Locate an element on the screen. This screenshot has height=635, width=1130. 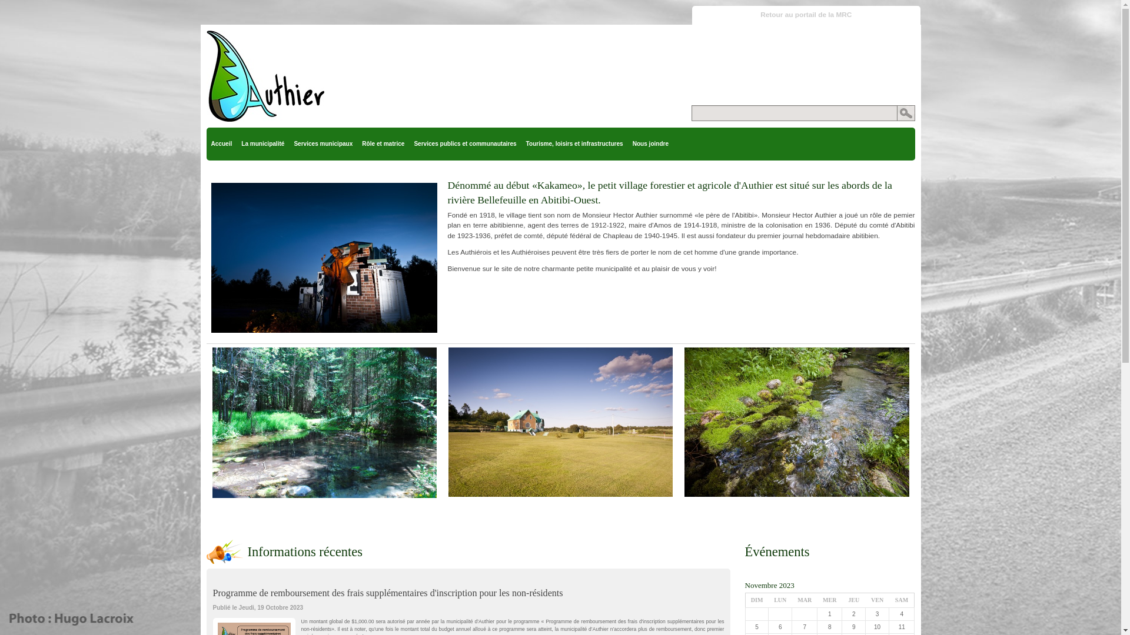
'Tourisme, loisirs et infrastructures' is located at coordinates (574, 143).